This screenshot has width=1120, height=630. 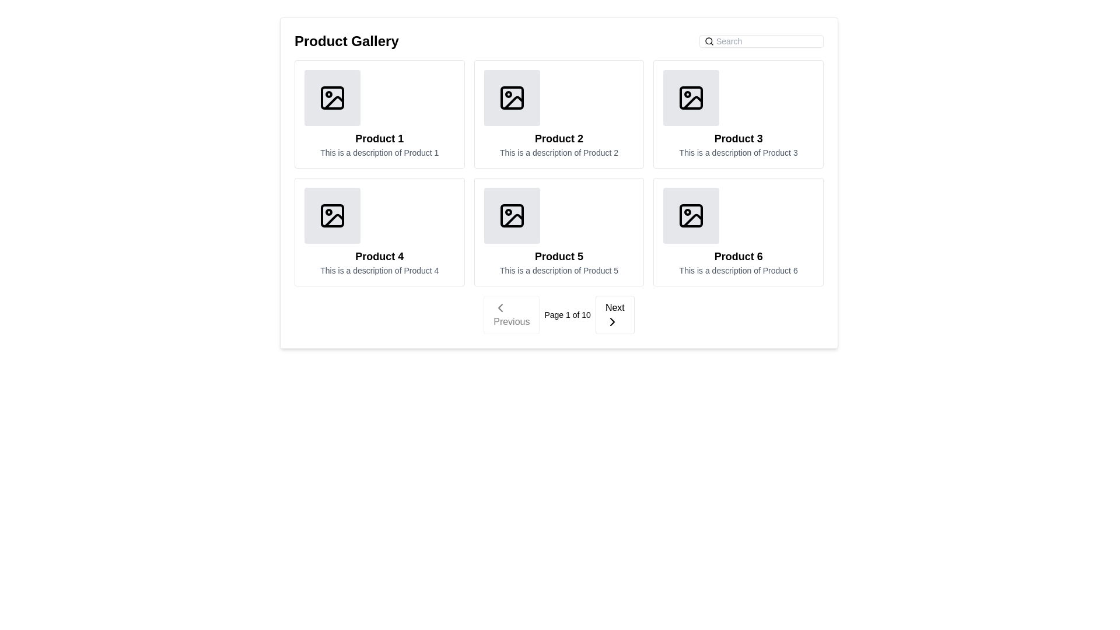 I want to click on the 'Previous' button located in the navigation bar at the bottom of the interface, which features a light gray background, black border, and a left-pointing chevron icon, so click(x=512, y=315).